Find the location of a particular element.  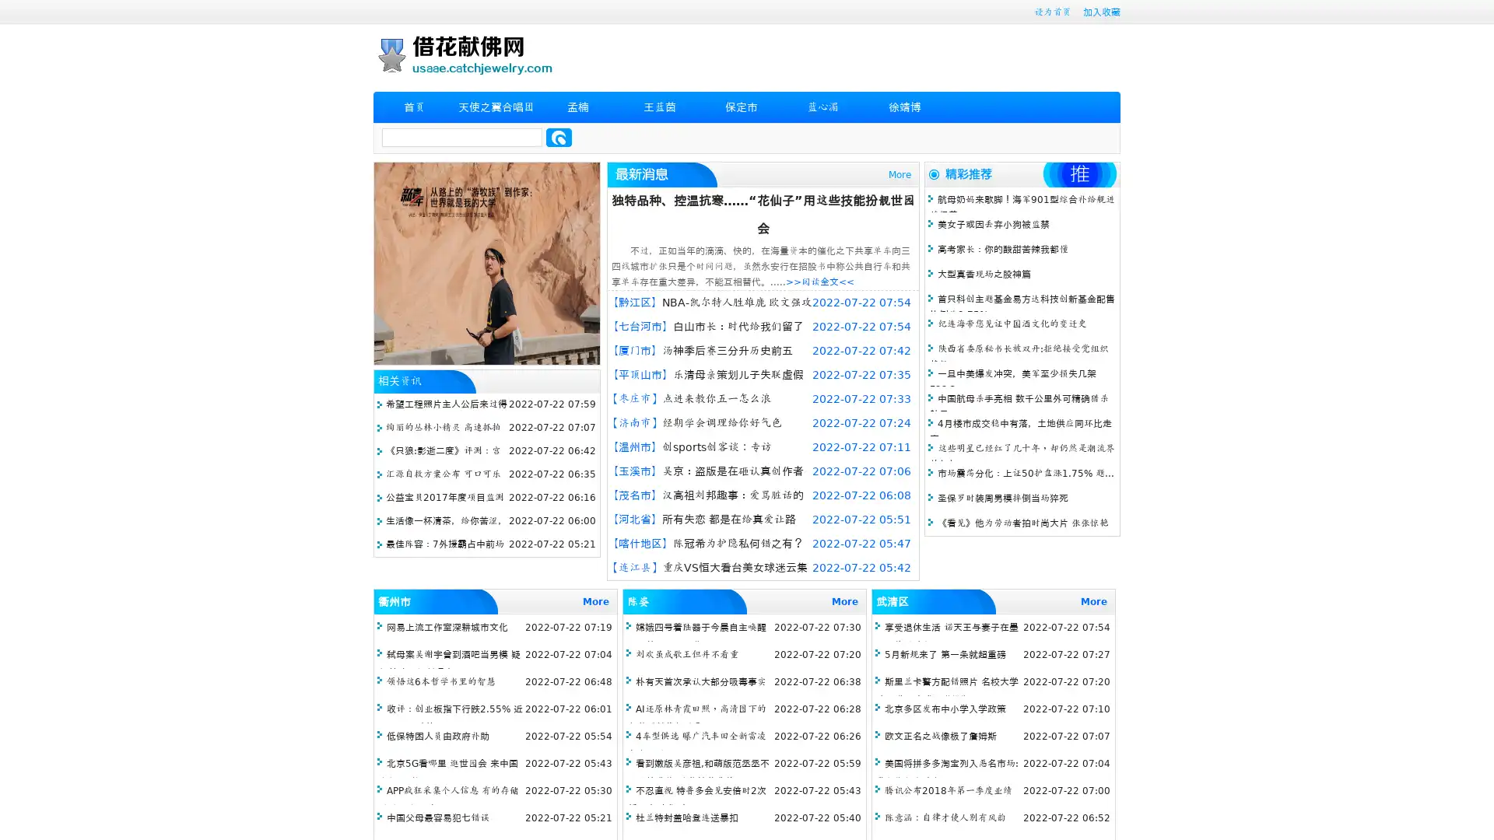

Search is located at coordinates (559, 137).